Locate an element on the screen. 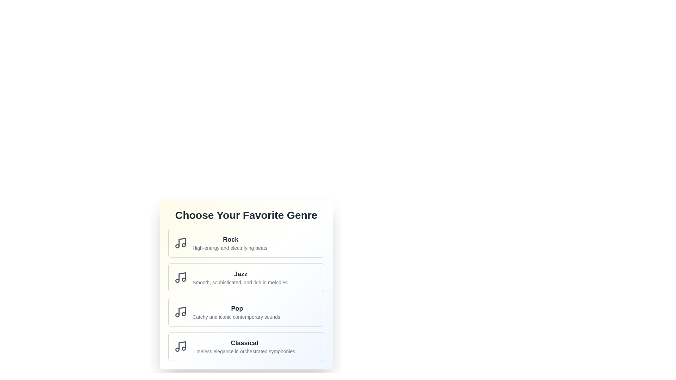 This screenshot has height=380, width=676. the List item box for the genre 'Pop' is located at coordinates (246, 312).